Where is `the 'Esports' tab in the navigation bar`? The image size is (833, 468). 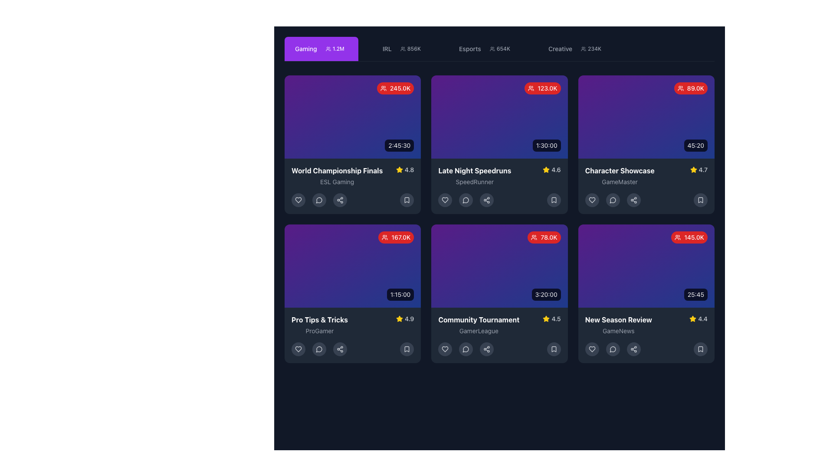
the 'Esports' tab in the navigation bar is located at coordinates (499, 49).